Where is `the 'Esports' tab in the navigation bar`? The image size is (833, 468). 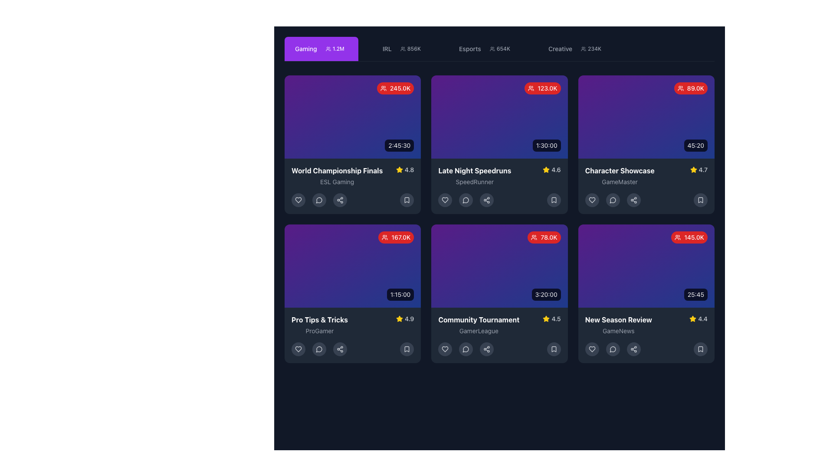
the 'Esports' tab in the navigation bar is located at coordinates (499, 49).